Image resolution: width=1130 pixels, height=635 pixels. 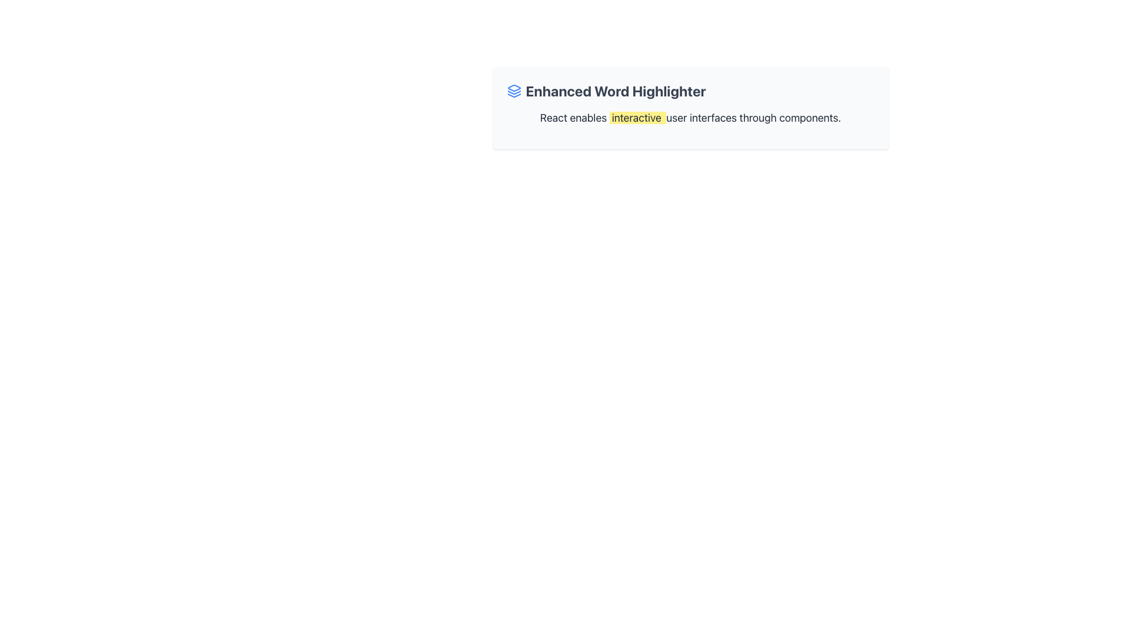 I want to click on text label with icon that serves as a section header, positioned above a descriptive text block, so click(x=690, y=90).